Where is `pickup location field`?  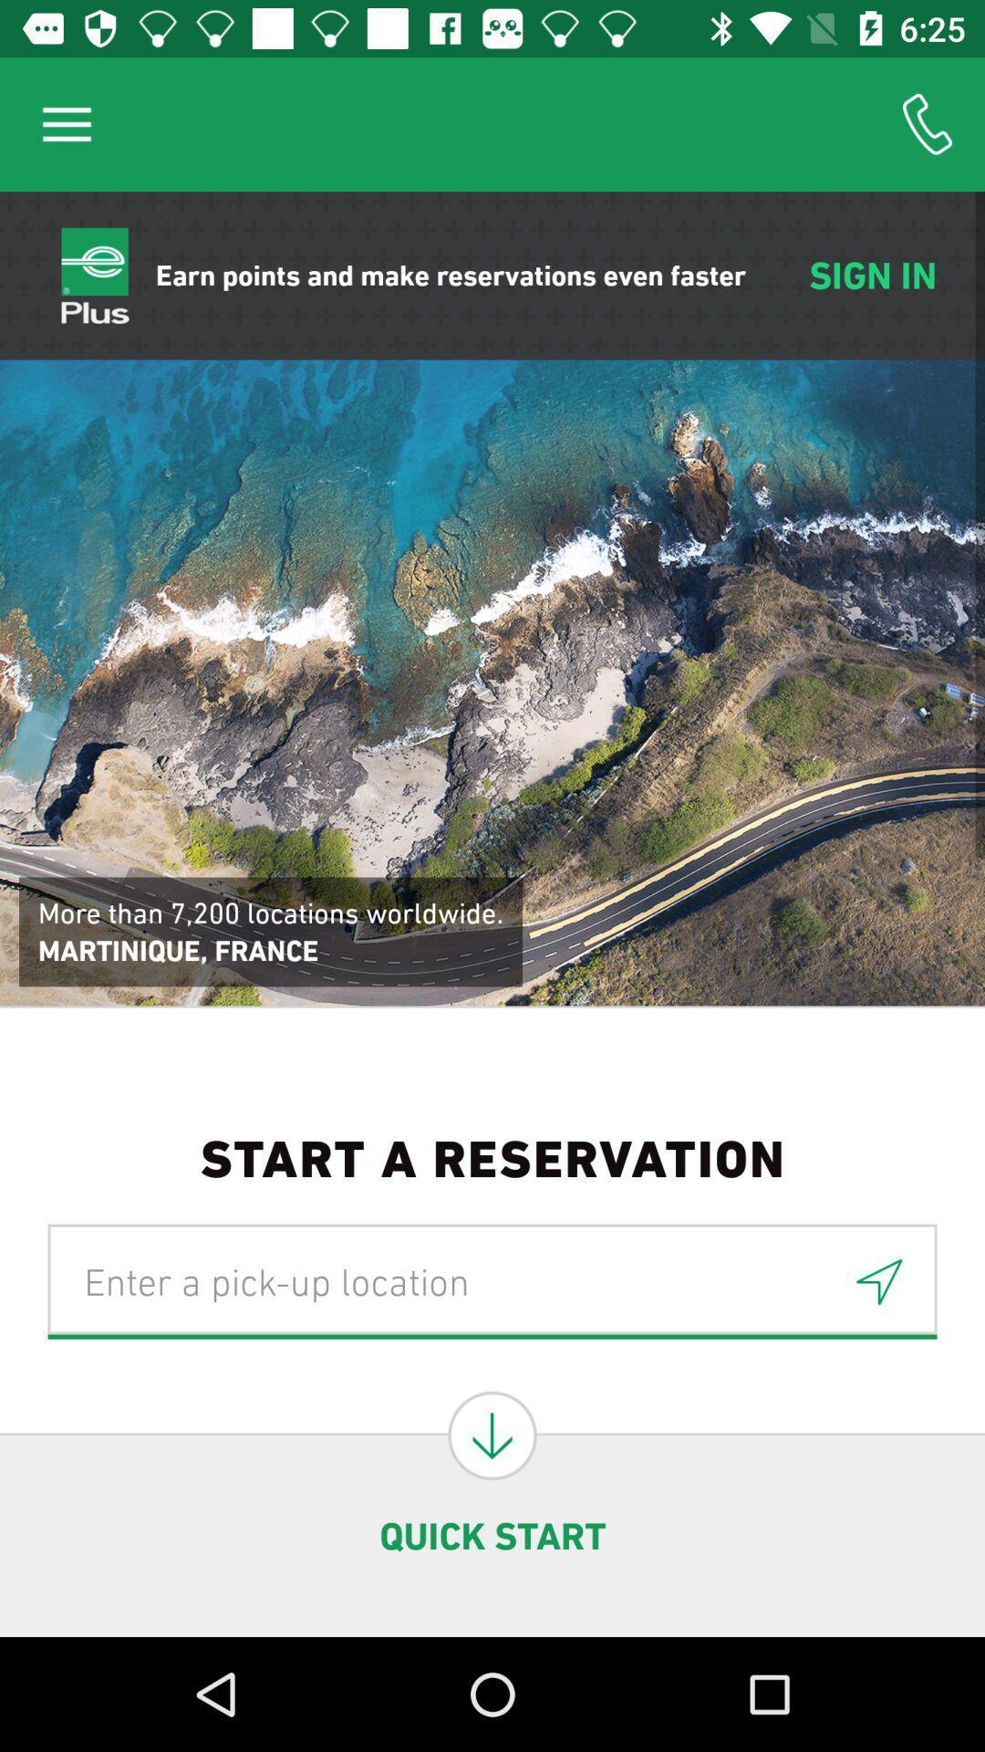
pickup location field is located at coordinates (493, 1280).